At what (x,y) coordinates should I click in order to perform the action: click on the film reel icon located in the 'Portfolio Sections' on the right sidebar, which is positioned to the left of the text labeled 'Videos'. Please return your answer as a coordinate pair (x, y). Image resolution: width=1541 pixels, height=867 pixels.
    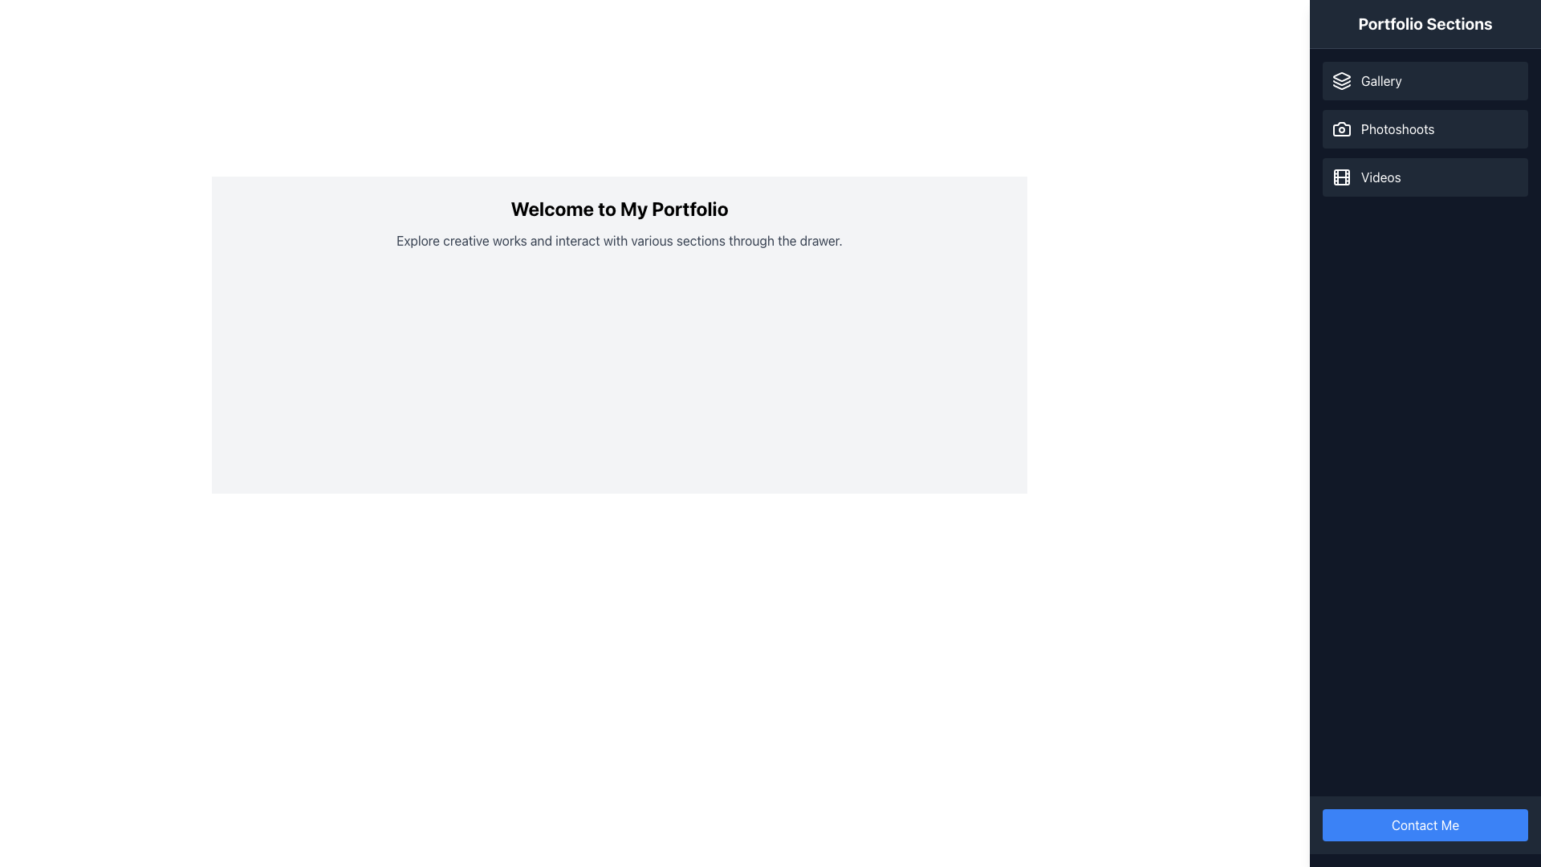
    Looking at the image, I should click on (1341, 177).